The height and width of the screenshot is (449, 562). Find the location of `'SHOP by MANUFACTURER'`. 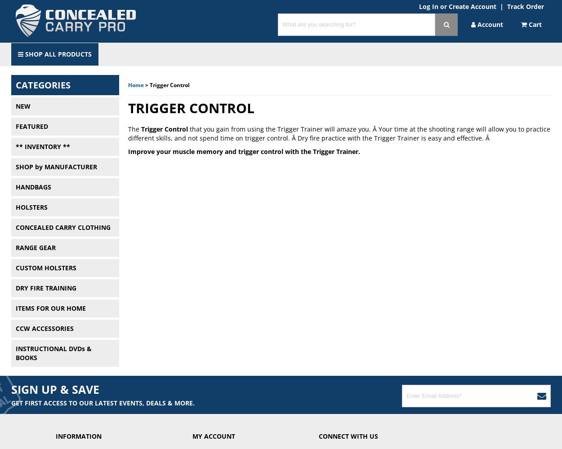

'SHOP by MANUFACTURER' is located at coordinates (56, 166).